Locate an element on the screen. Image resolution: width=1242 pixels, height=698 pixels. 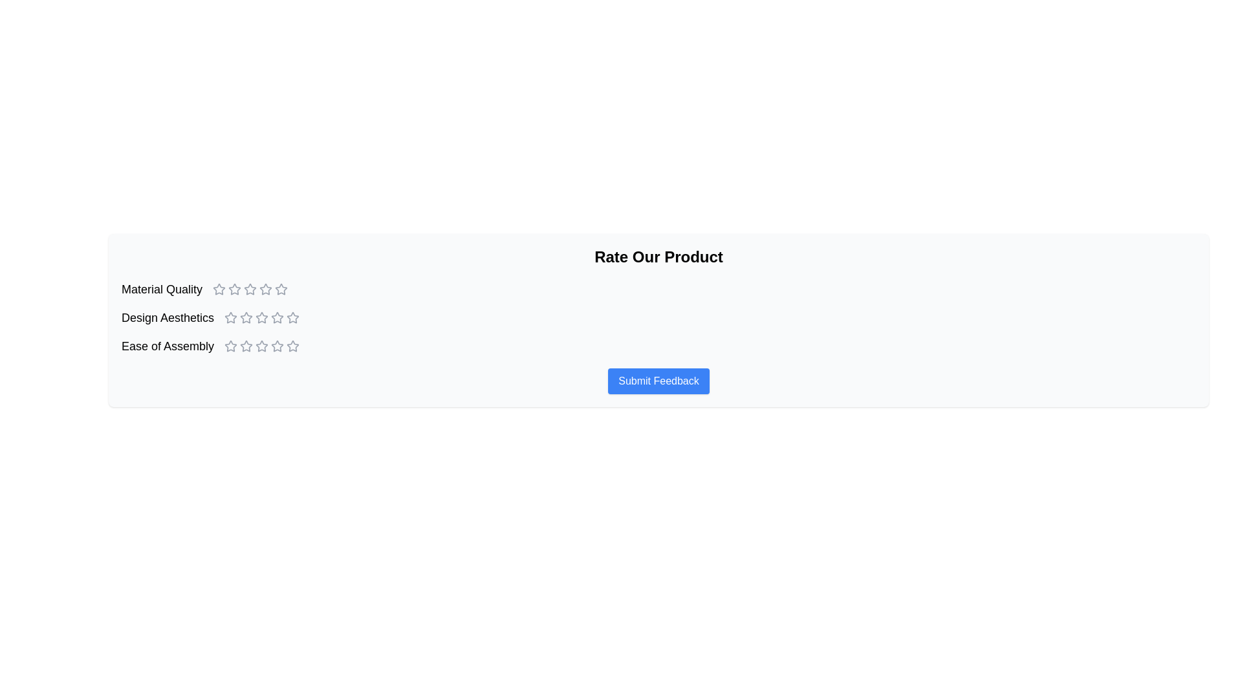
the inactive star-shaped icon representing the fifth rating option is located at coordinates (277, 345).